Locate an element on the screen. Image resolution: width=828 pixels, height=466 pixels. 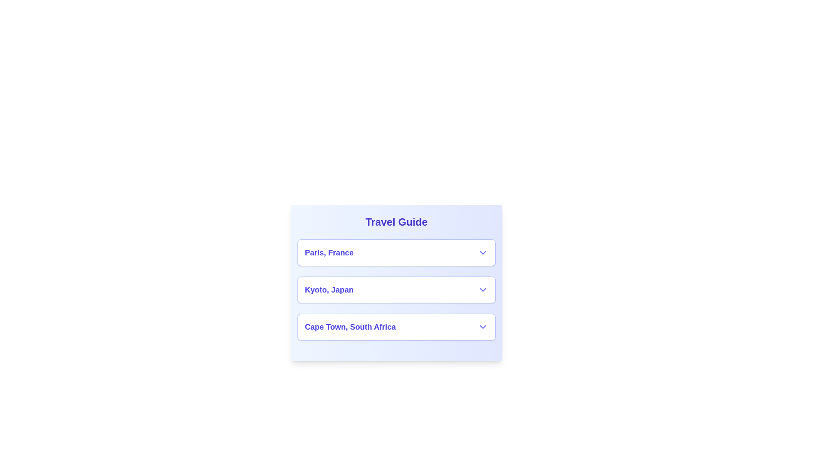
the downward-pointing indigo chevron icon located at the right edge of the 'Cape Town, South Africa' row in the Travel Guide list is located at coordinates (482, 327).